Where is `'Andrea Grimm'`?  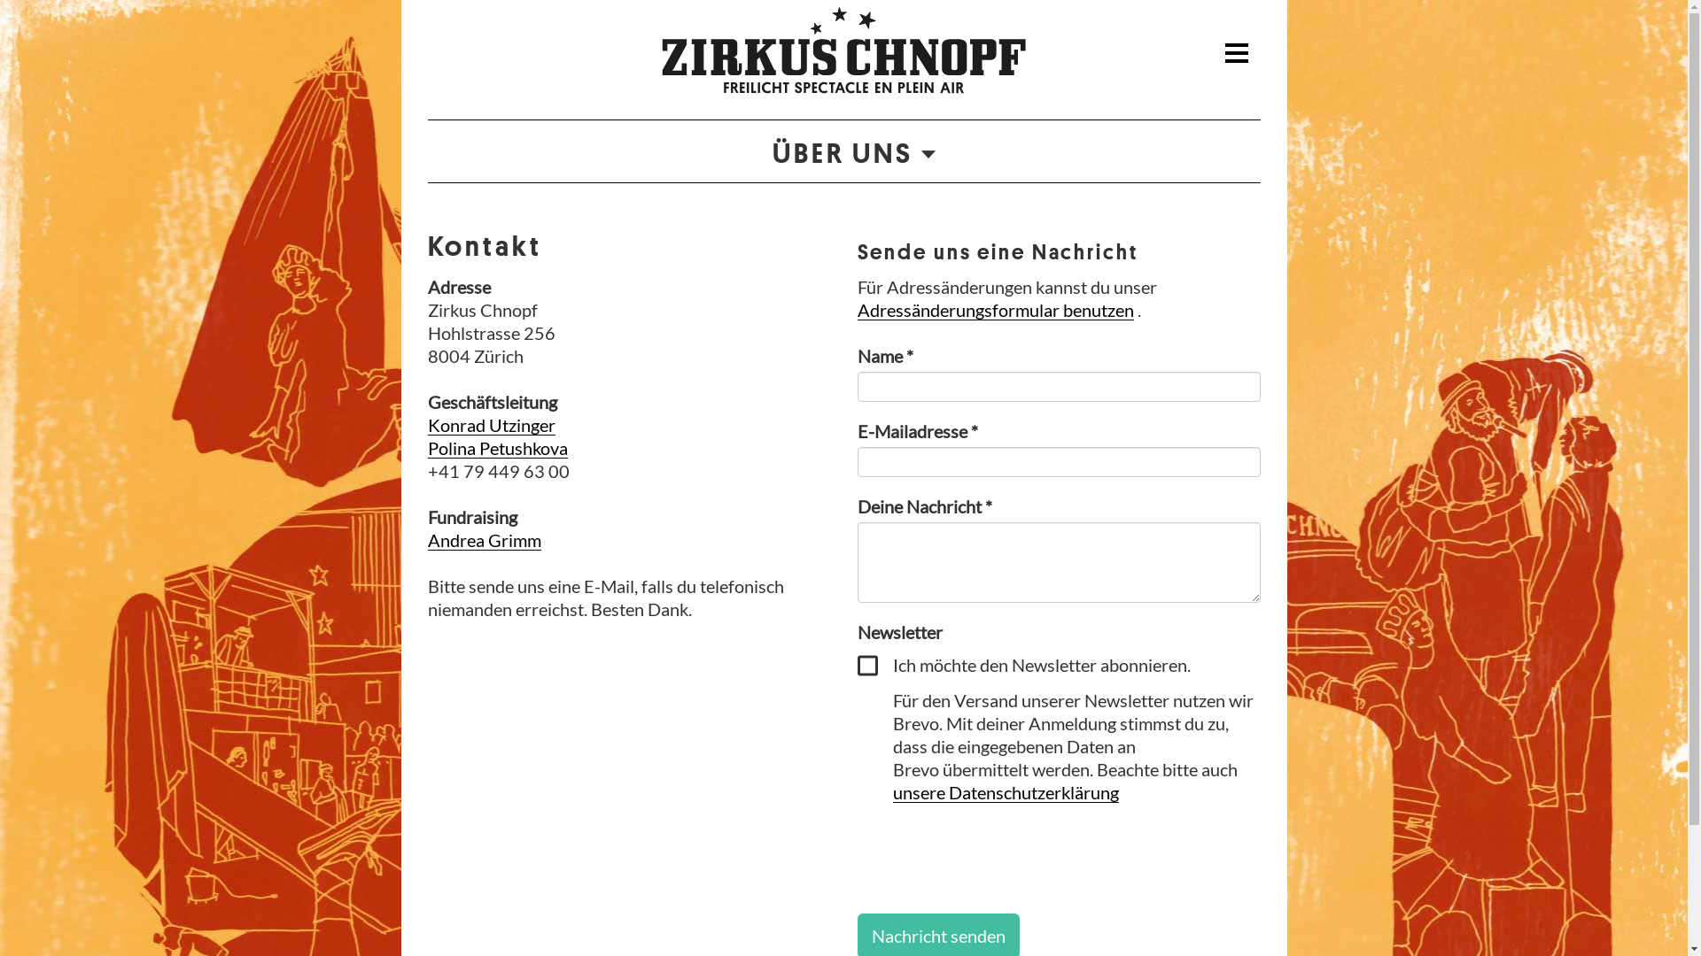 'Andrea Grimm' is located at coordinates (484, 538).